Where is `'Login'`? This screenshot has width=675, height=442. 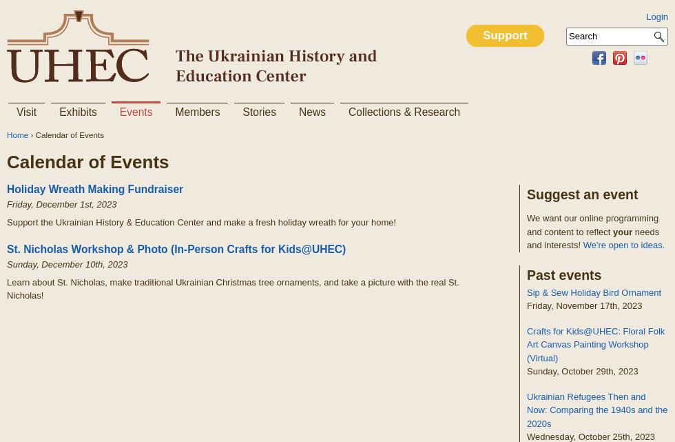 'Login' is located at coordinates (657, 17).